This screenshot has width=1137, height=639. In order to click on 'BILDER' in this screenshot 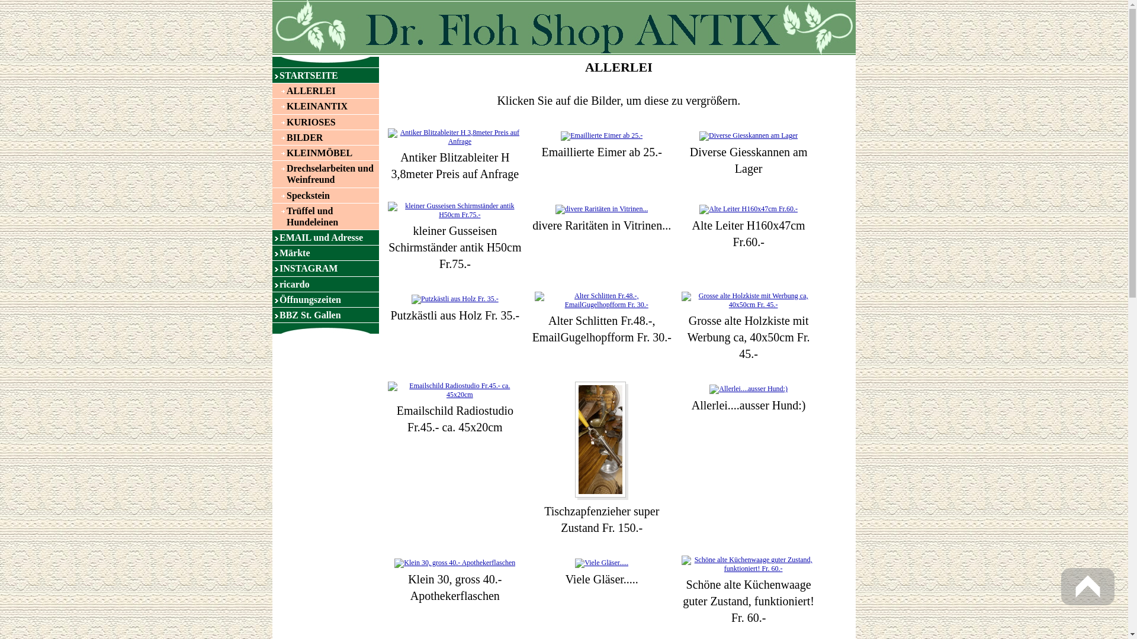, I will do `click(326, 137)`.